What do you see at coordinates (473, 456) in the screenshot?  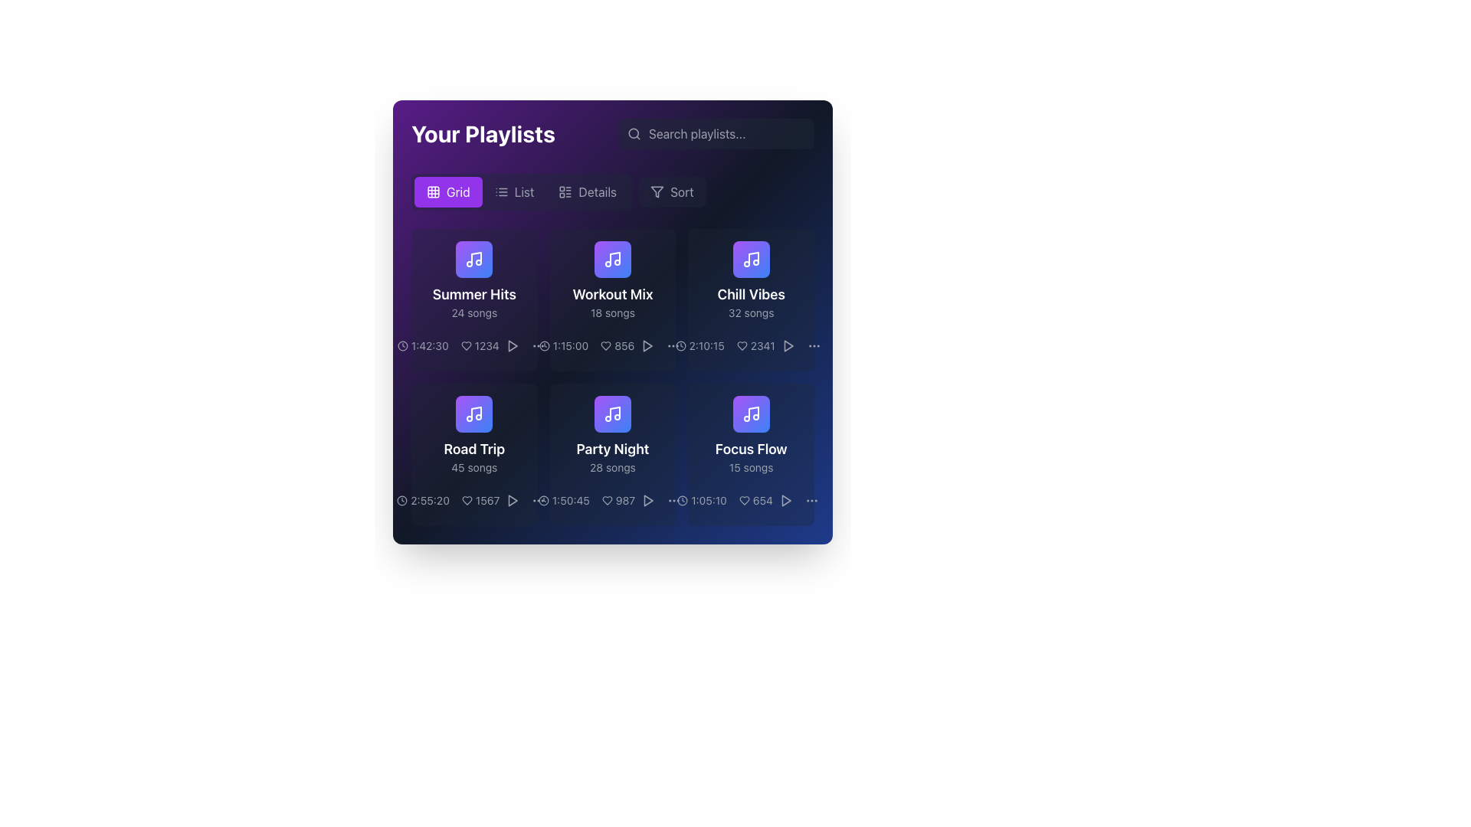 I see `the text label that displays the title 'Road Trip' and the number of songs '45 songs', located in the third item of the first row under 'Your Playlists'` at bounding box center [473, 456].